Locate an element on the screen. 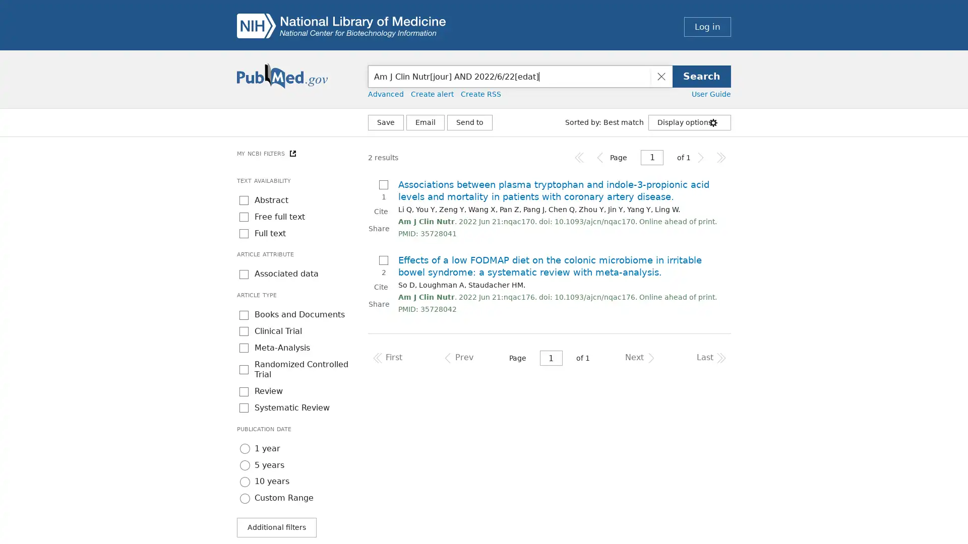 This screenshot has height=544, width=968. More Actions is located at coordinates (469, 122).